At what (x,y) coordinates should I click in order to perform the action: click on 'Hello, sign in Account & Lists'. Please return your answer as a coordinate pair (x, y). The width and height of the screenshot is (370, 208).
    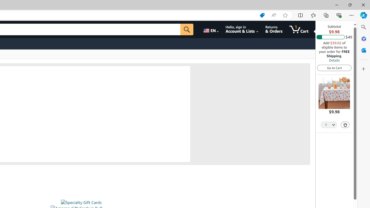
    Looking at the image, I should click on (242, 29).